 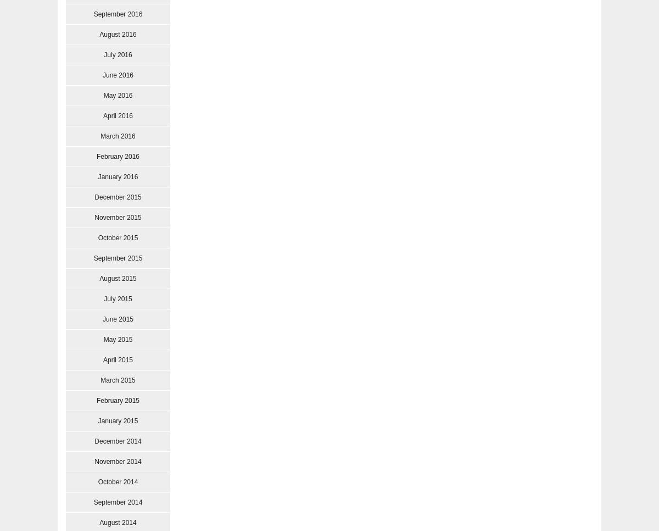 I want to click on 'August 2016', so click(x=117, y=34).